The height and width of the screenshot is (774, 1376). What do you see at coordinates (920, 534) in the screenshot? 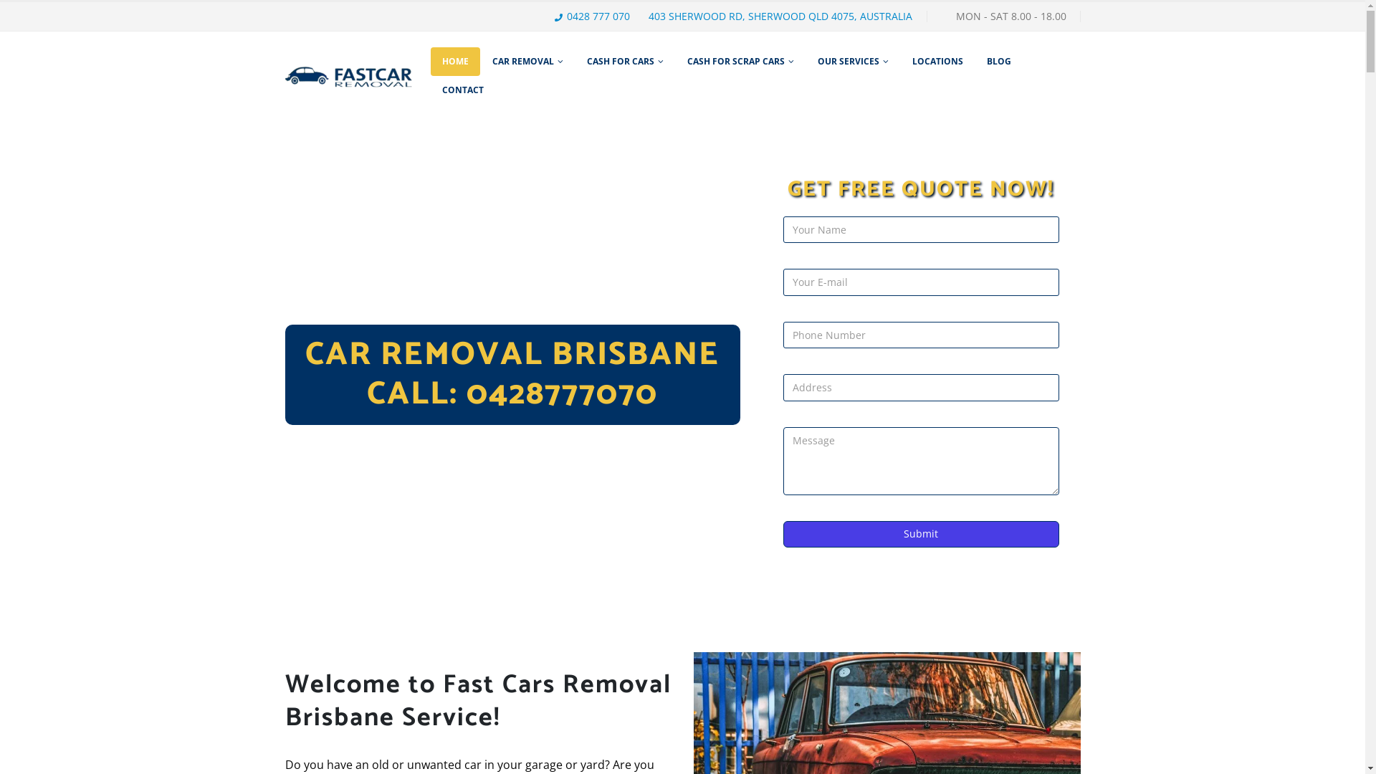
I see `'Submit'` at bounding box center [920, 534].